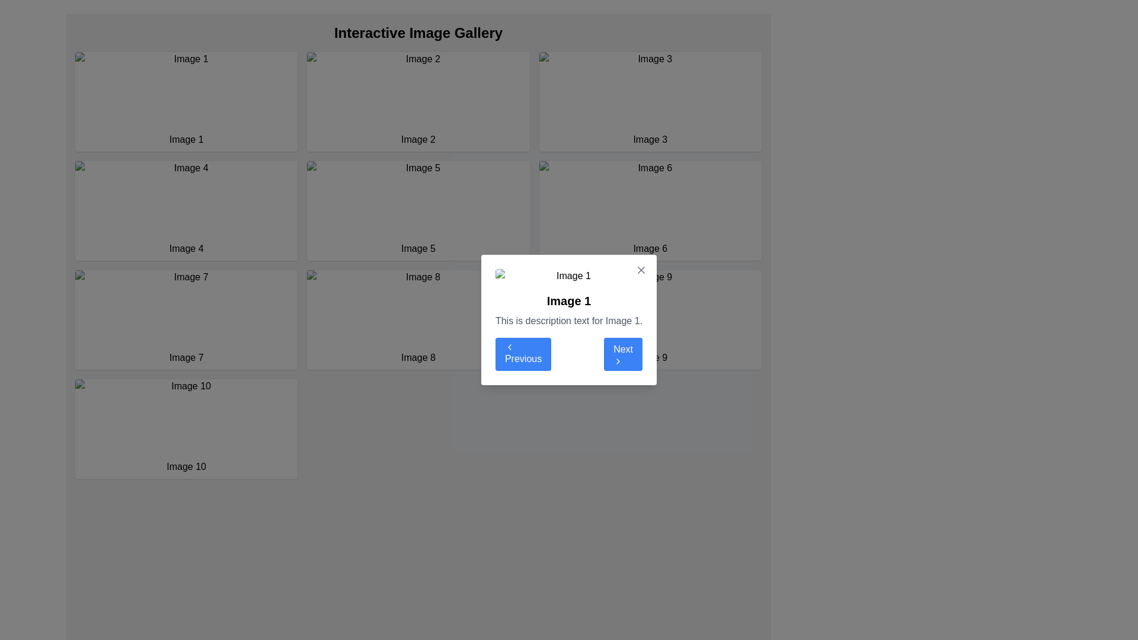  What do you see at coordinates (186, 308) in the screenshot?
I see `the image placeholder labeled 'Image 7'` at bounding box center [186, 308].